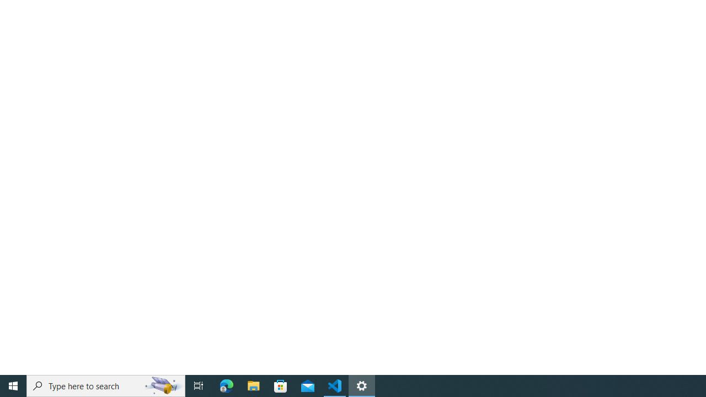  I want to click on 'Start', so click(13, 385).